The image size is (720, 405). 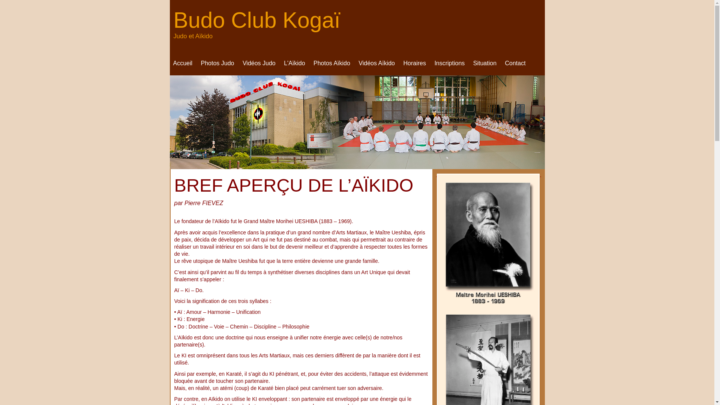 What do you see at coordinates (449, 61) in the screenshot?
I see `'Inscriptions'` at bounding box center [449, 61].